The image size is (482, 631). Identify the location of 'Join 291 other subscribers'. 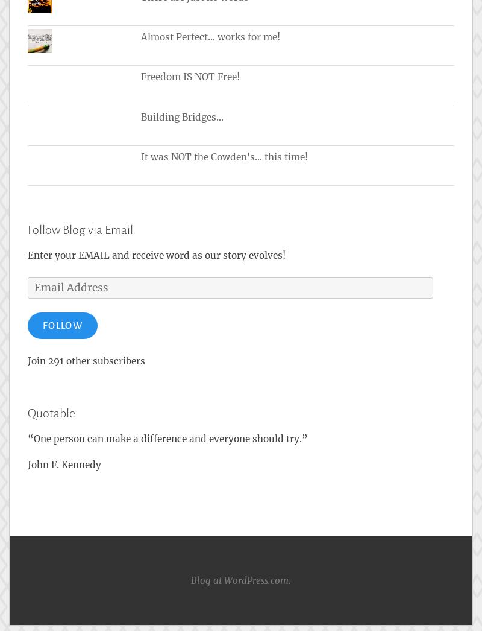
(86, 360).